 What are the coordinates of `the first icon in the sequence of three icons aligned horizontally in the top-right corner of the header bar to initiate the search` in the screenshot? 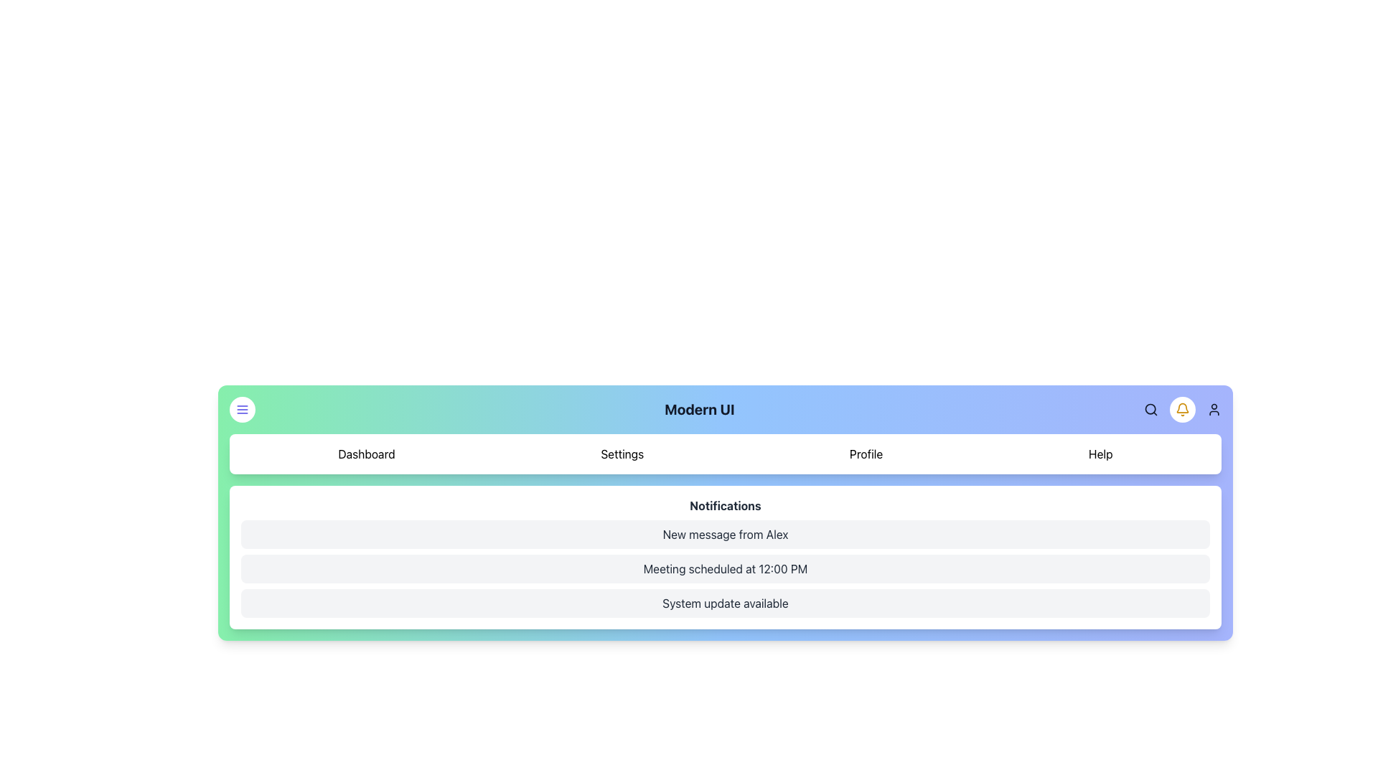 It's located at (1150, 409).